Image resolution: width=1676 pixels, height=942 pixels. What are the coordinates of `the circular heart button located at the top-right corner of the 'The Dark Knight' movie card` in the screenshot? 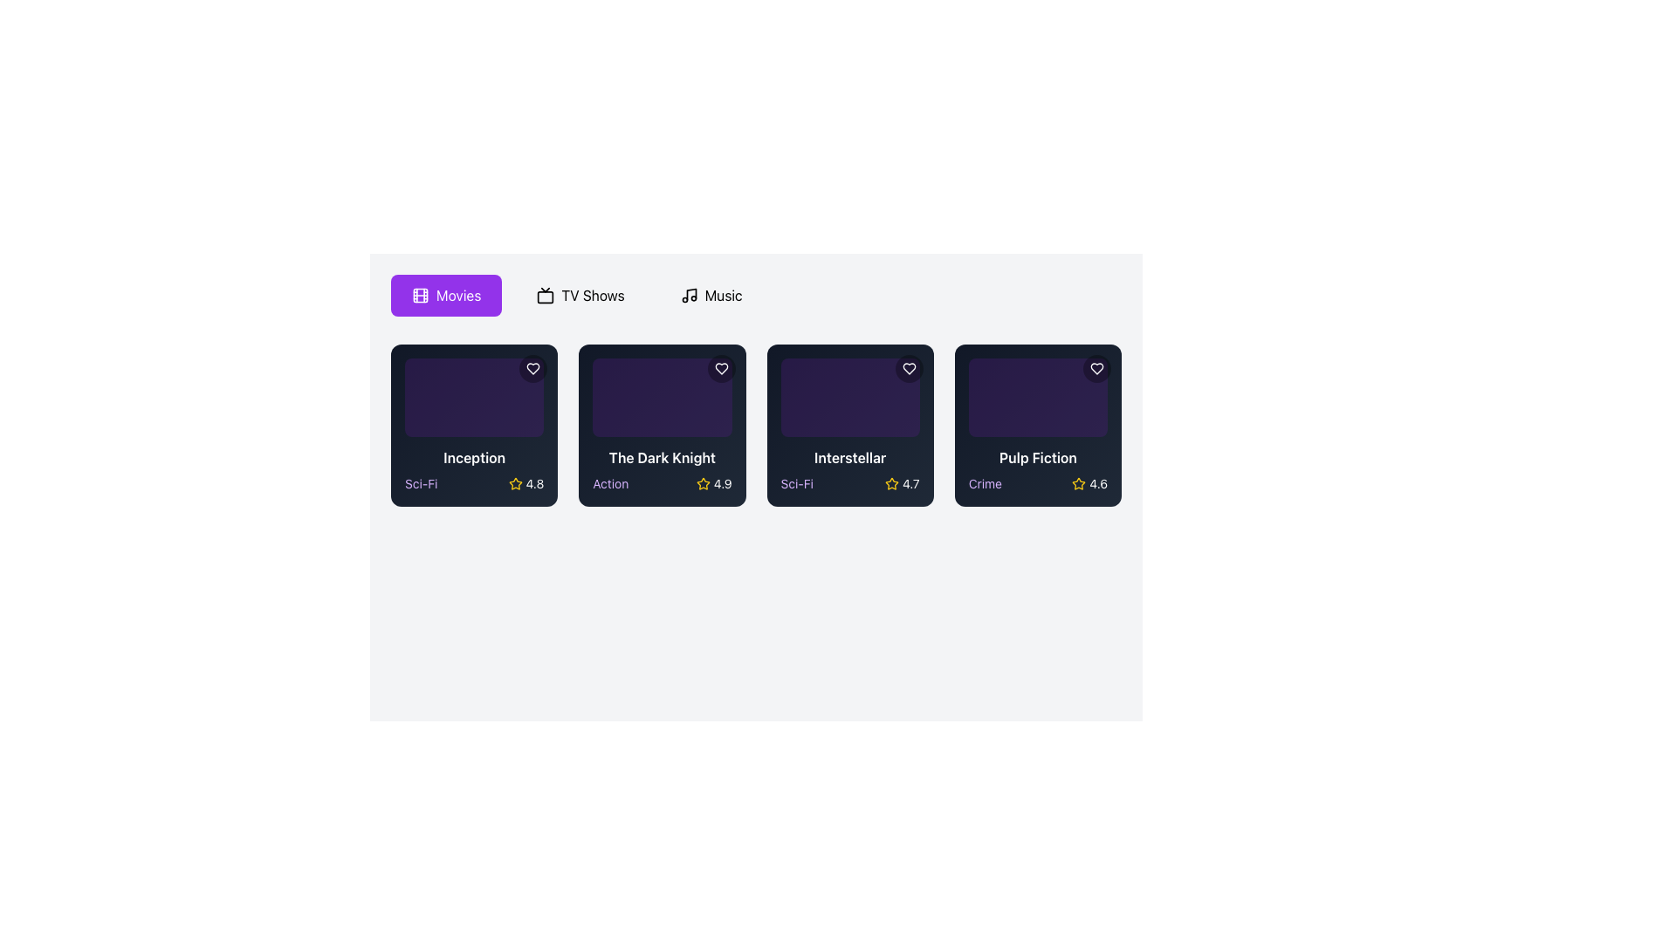 It's located at (721, 368).